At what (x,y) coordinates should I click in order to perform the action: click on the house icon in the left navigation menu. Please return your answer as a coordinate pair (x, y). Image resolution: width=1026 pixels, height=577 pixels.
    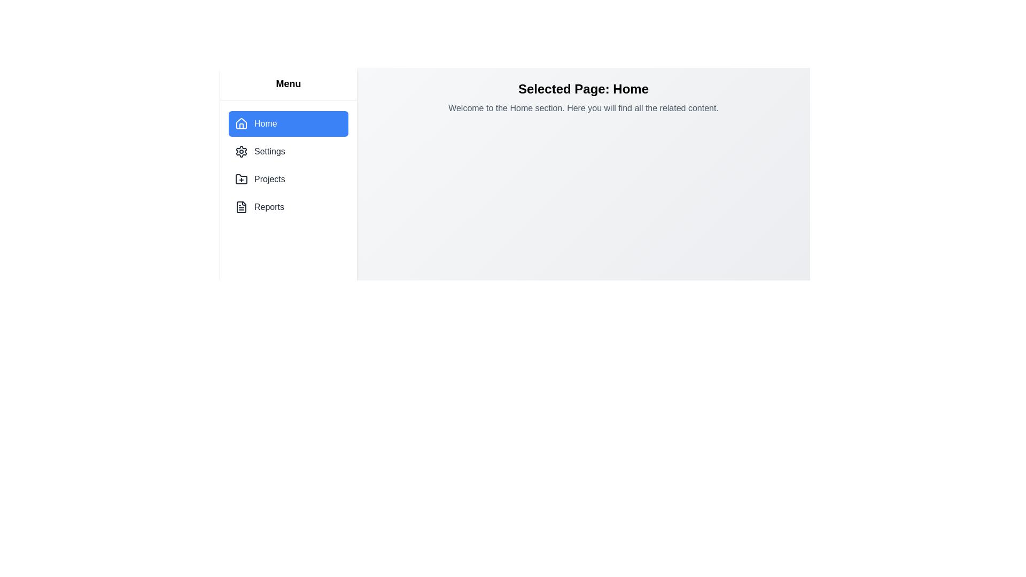
    Looking at the image, I should click on (240, 123).